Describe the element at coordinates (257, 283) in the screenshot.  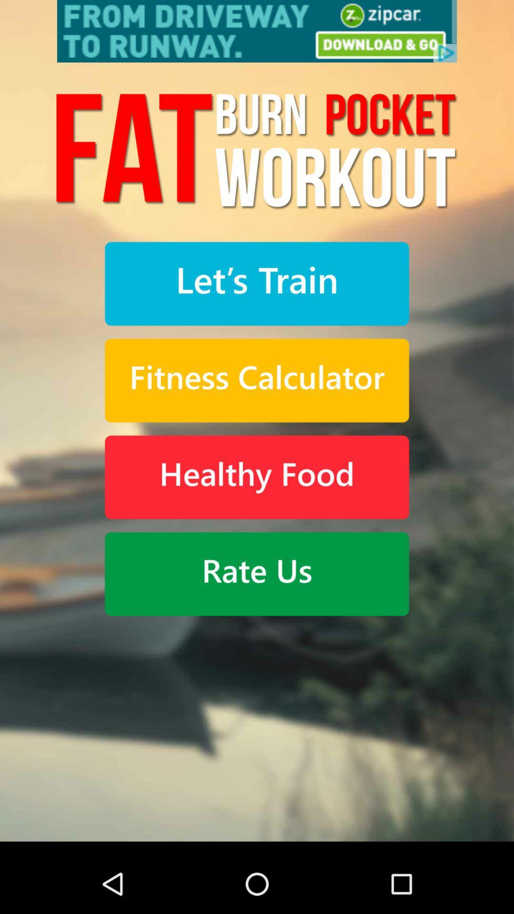
I see `option` at that location.